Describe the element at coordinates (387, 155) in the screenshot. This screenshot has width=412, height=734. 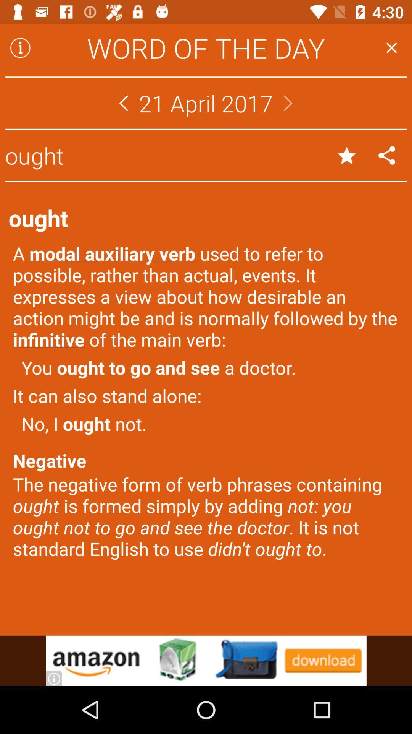
I see `share` at that location.